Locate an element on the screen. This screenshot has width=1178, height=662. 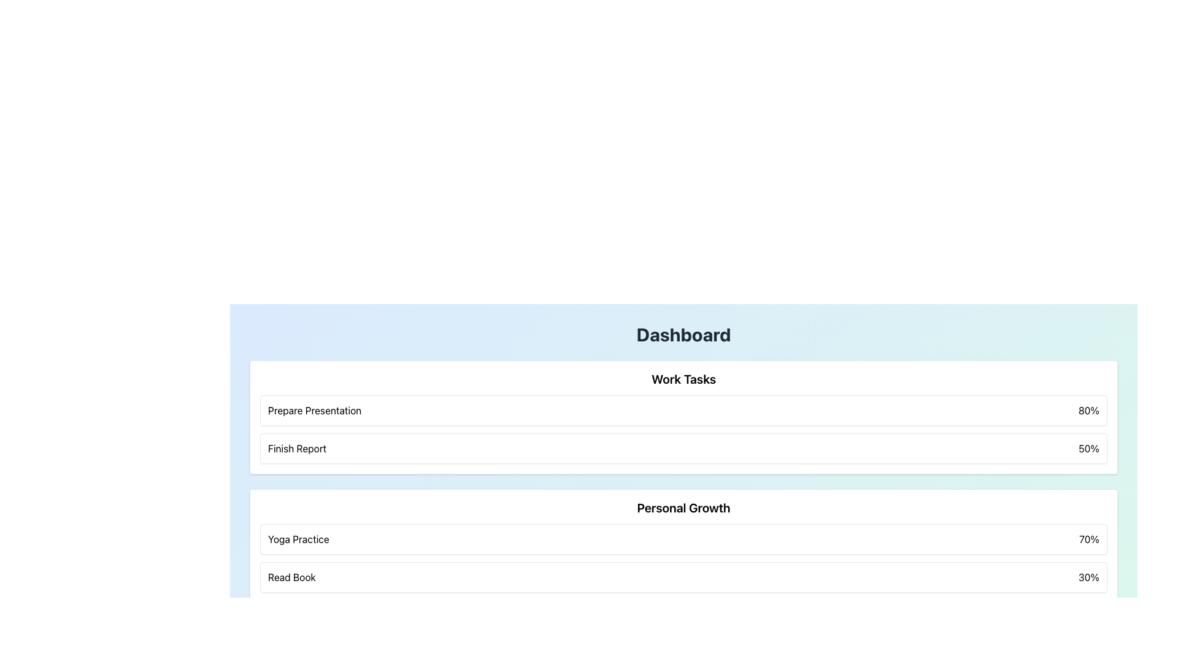
percentage value displayed as '70%' in the bold black font on the far right of the 'Yoga Practice' section is located at coordinates (1089, 538).